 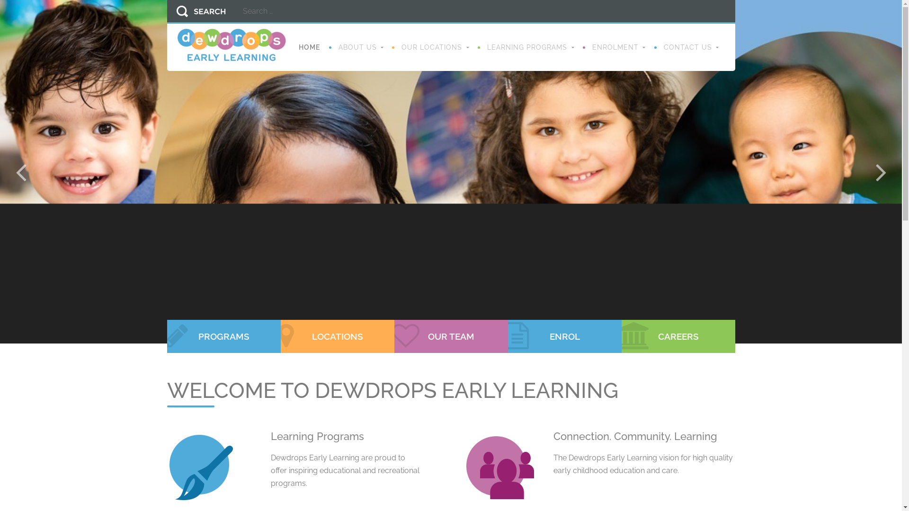 I want to click on 'CAREERS', so click(x=677, y=335).